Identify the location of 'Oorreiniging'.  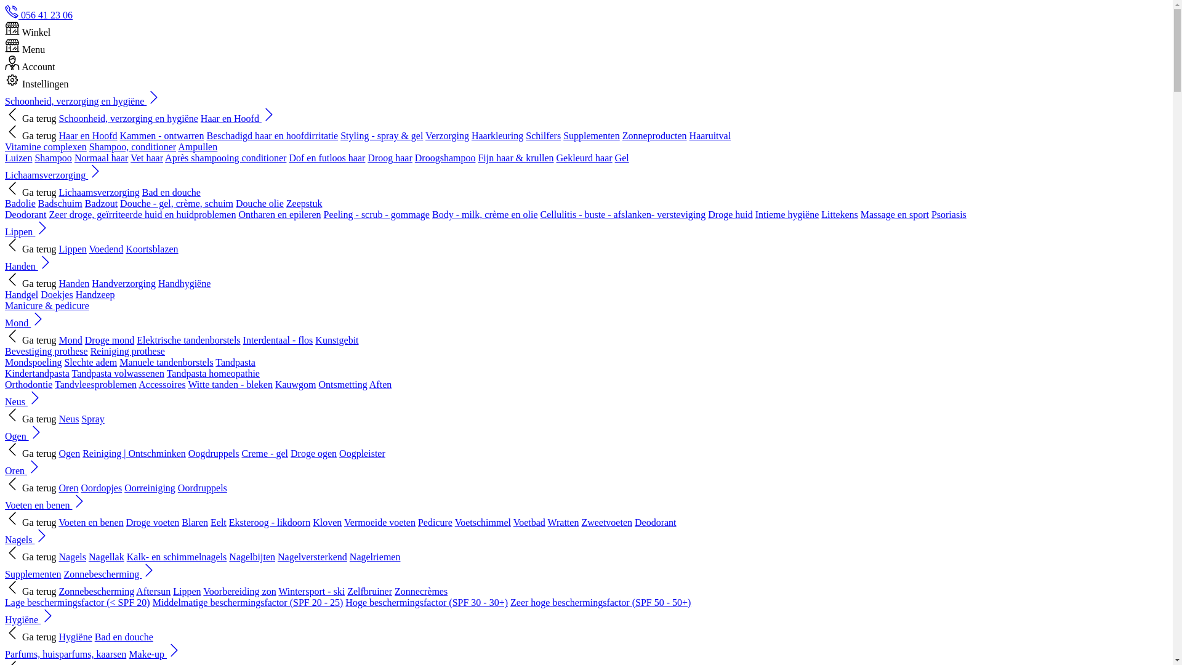
(149, 487).